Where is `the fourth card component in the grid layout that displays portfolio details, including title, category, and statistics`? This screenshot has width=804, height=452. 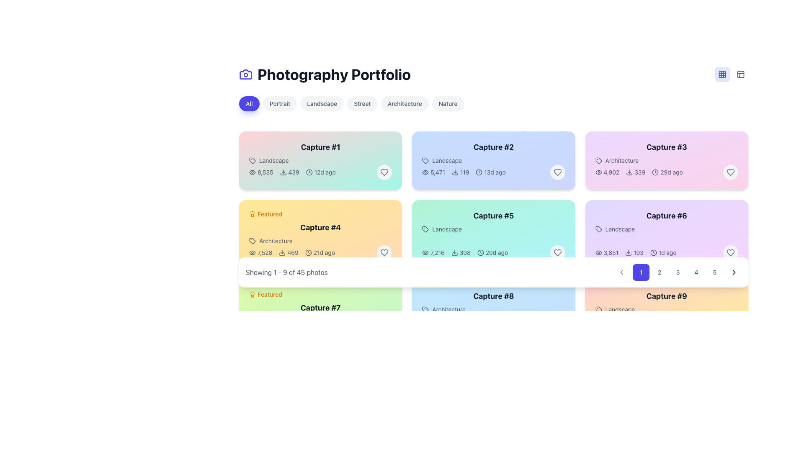
the fourth card component in the grid layout that displays portfolio details, including title, category, and statistics is located at coordinates (320, 235).